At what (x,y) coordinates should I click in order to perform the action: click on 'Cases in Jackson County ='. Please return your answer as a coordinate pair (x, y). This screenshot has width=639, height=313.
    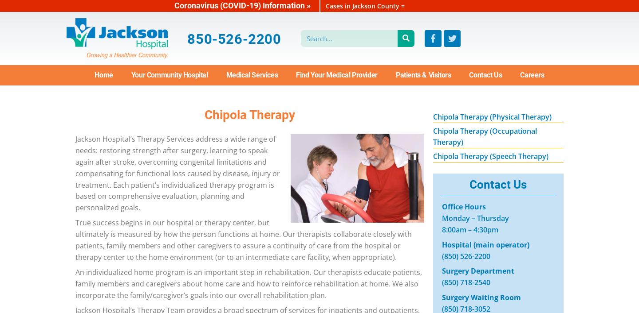
    Looking at the image, I should click on (365, 5).